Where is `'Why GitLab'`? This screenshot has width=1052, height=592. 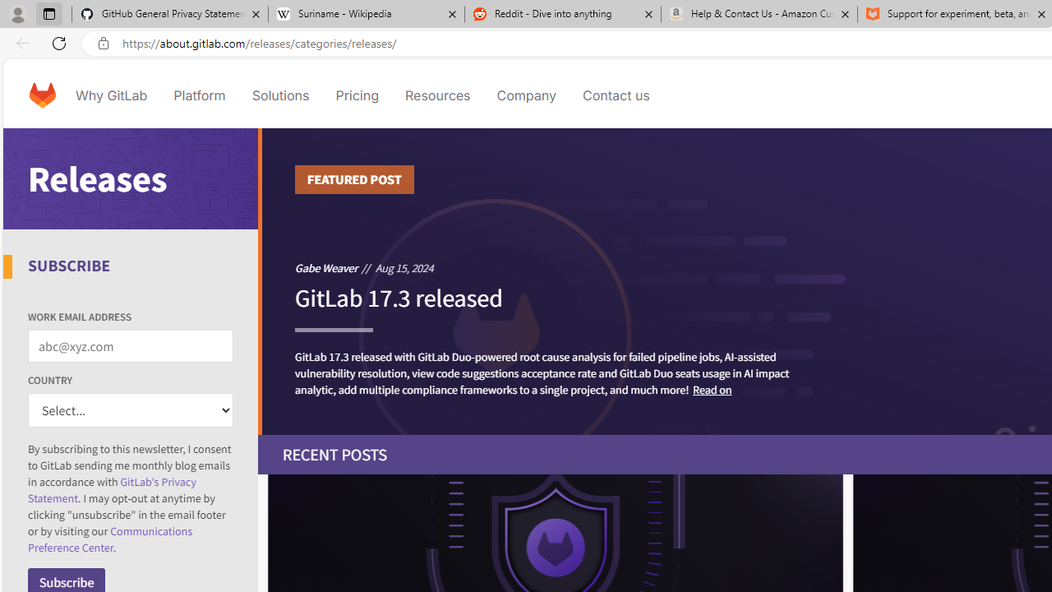
'Why GitLab' is located at coordinates (111, 95).